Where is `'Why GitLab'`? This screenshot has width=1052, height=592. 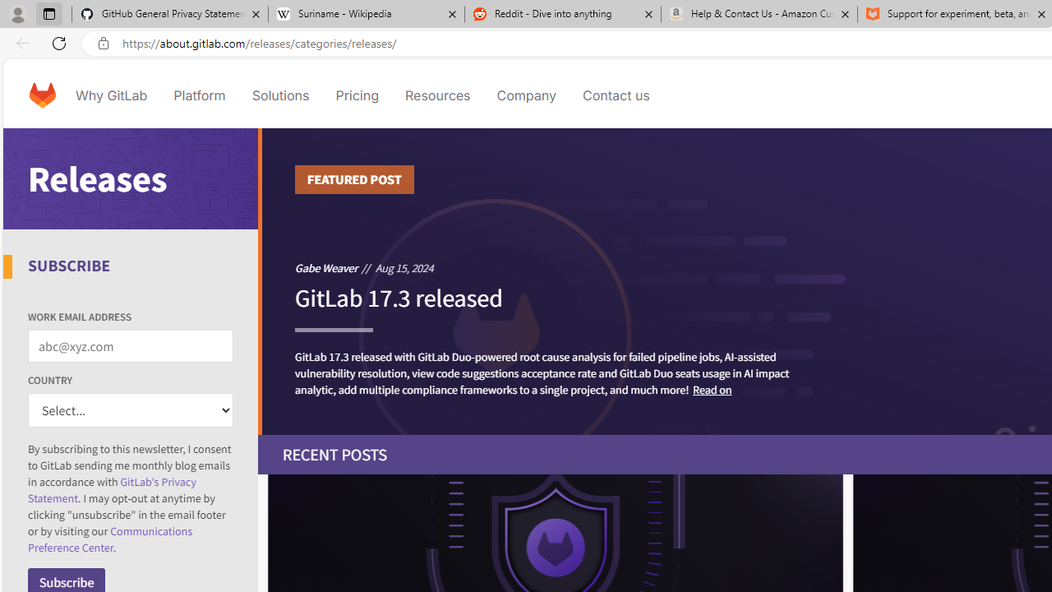
'Why GitLab' is located at coordinates (111, 95).